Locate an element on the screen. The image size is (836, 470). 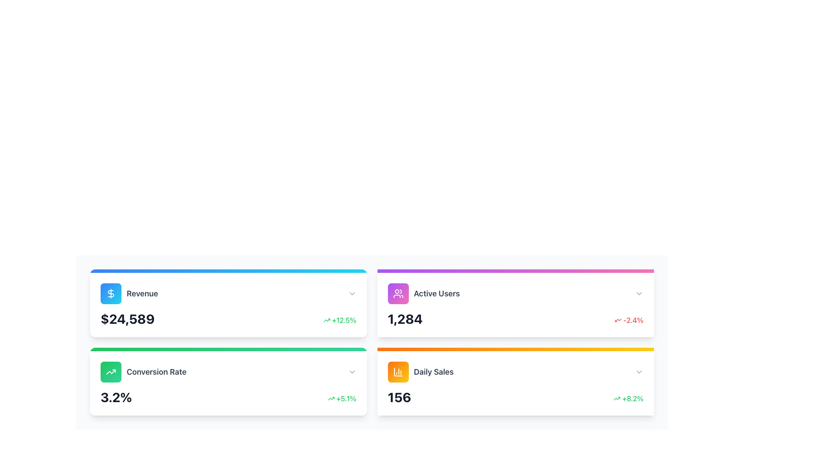
displayed information on the 'Daily Sales' dashboard card located in the bottom-right quadrant of the grid, which summarizes key performance statistics is located at coordinates (516, 383).